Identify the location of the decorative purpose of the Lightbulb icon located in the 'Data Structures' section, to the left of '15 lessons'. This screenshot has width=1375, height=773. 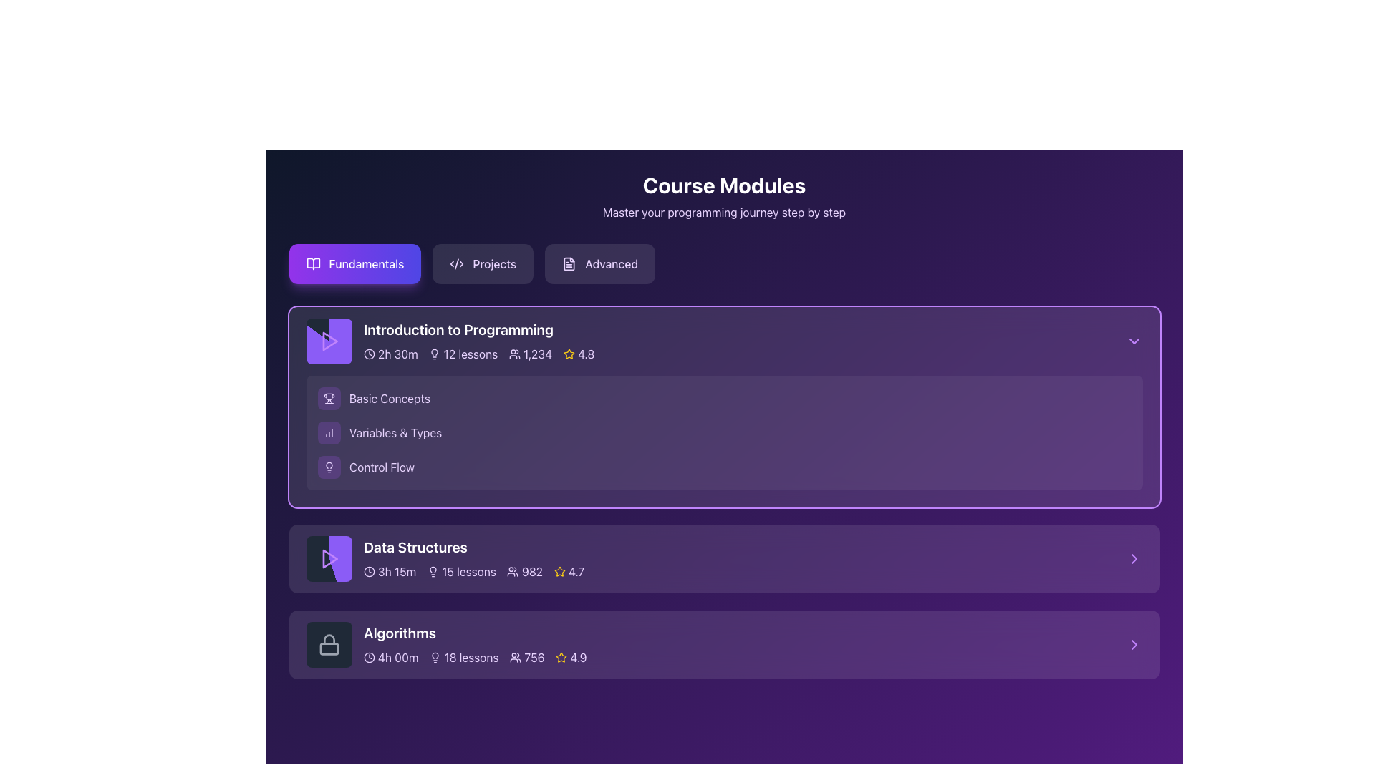
(432, 570).